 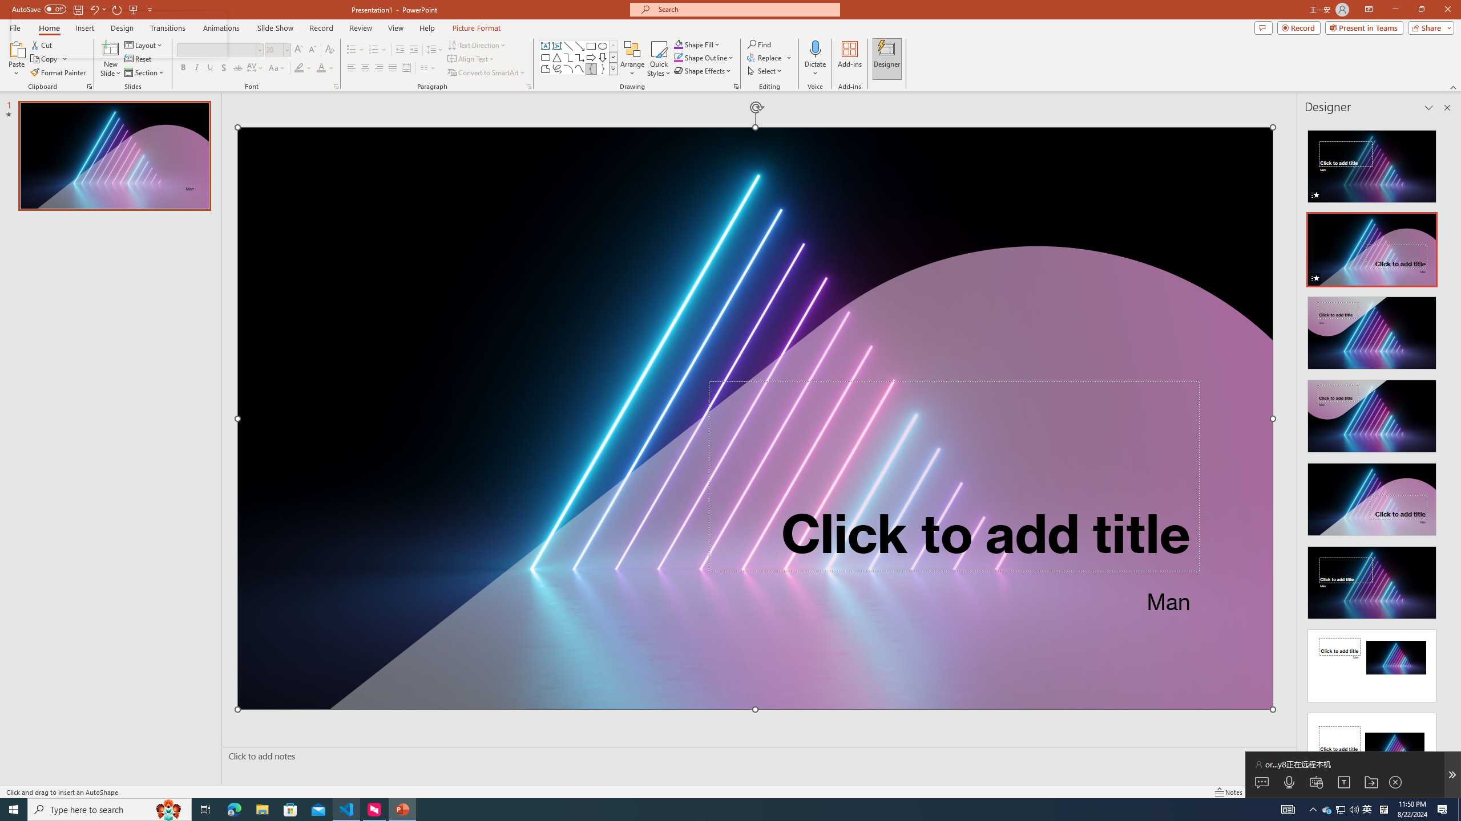 What do you see at coordinates (1435, 792) in the screenshot?
I see `'Zoom 142%'` at bounding box center [1435, 792].